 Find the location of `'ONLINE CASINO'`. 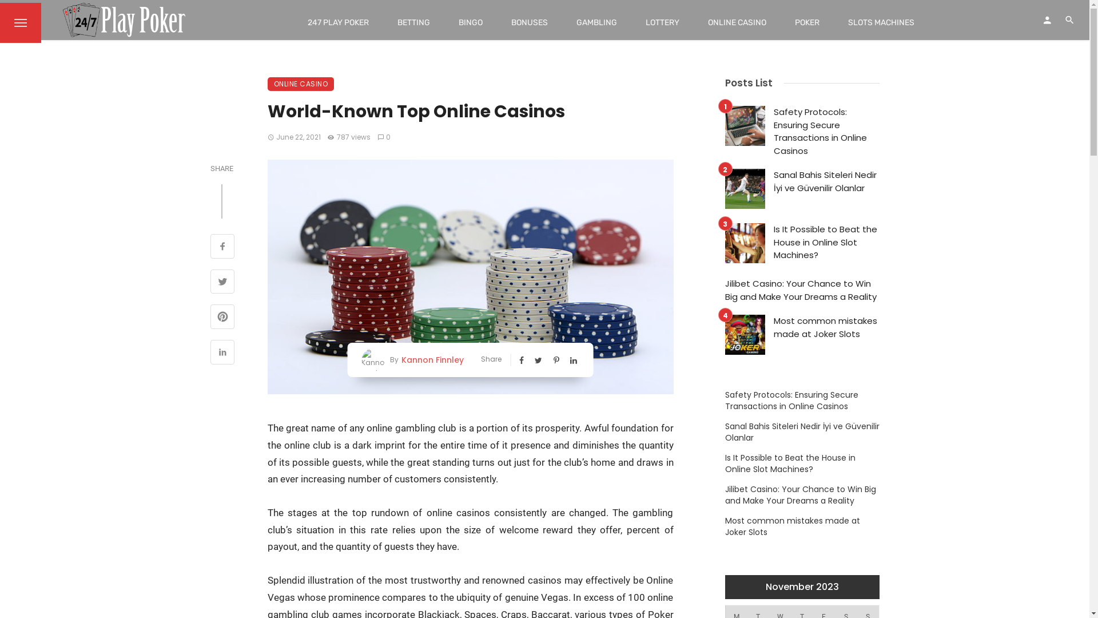

'ONLINE CASINO' is located at coordinates (301, 83).